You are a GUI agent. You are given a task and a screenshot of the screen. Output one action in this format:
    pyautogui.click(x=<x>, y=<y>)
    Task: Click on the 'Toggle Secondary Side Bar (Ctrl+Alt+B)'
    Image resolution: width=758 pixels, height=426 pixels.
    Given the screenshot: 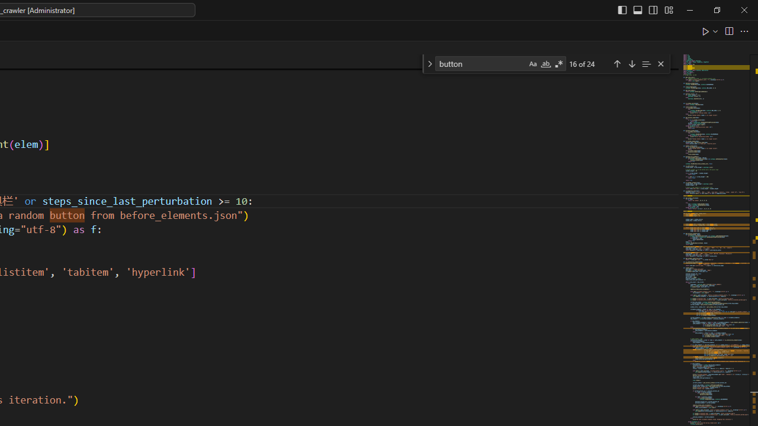 What is the action you would take?
    pyautogui.click(x=652, y=9)
    